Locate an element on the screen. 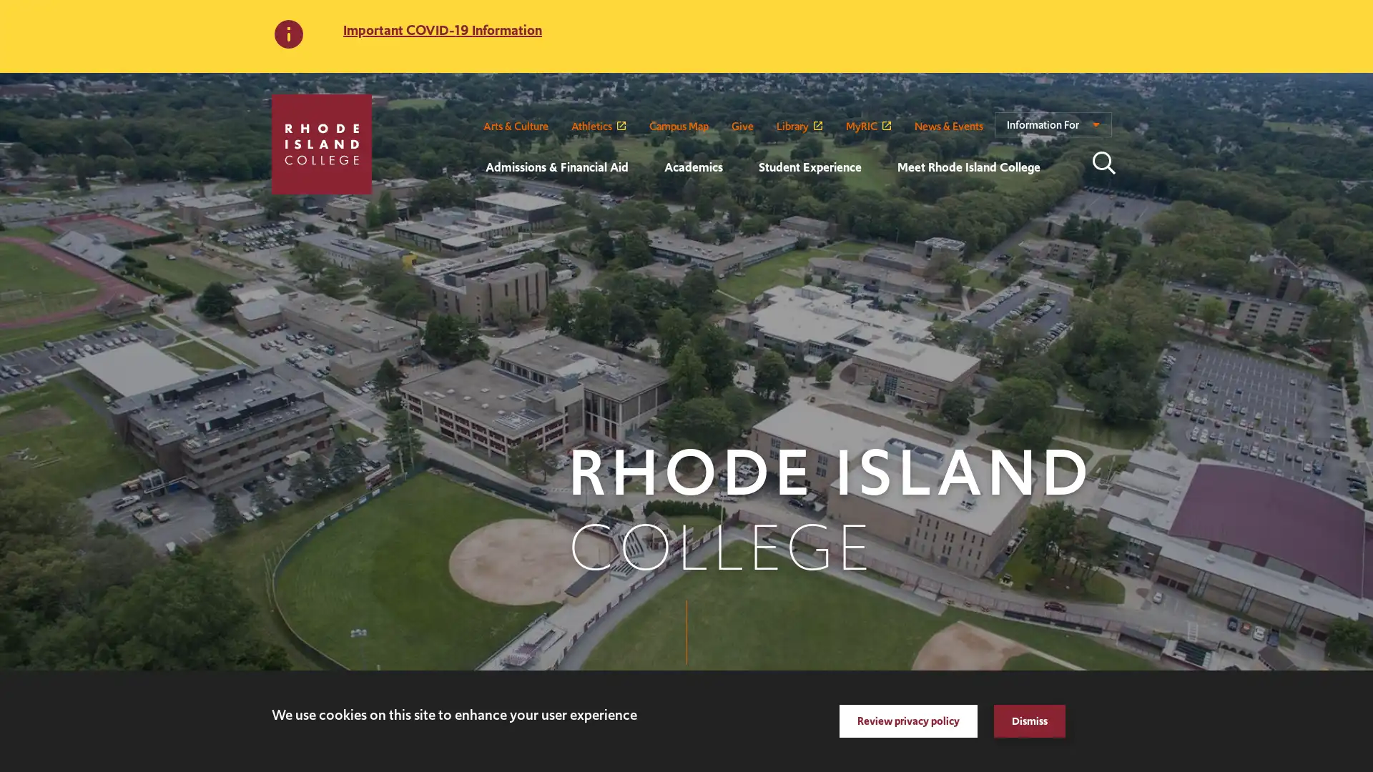  Dismiss is located at coordinates (1030, 721).